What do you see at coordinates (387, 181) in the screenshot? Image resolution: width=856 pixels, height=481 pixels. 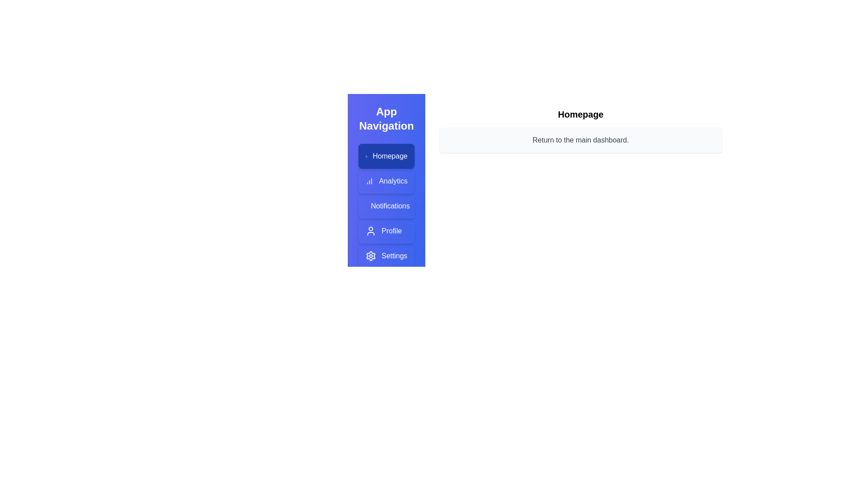 I see `the navigation button located in the vertical menu` at bounding box center [387, 181].